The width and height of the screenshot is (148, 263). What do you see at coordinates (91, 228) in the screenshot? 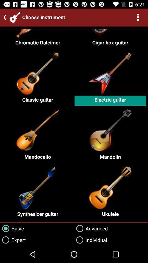
I see `the advanced` at bounding box center [91, 228].